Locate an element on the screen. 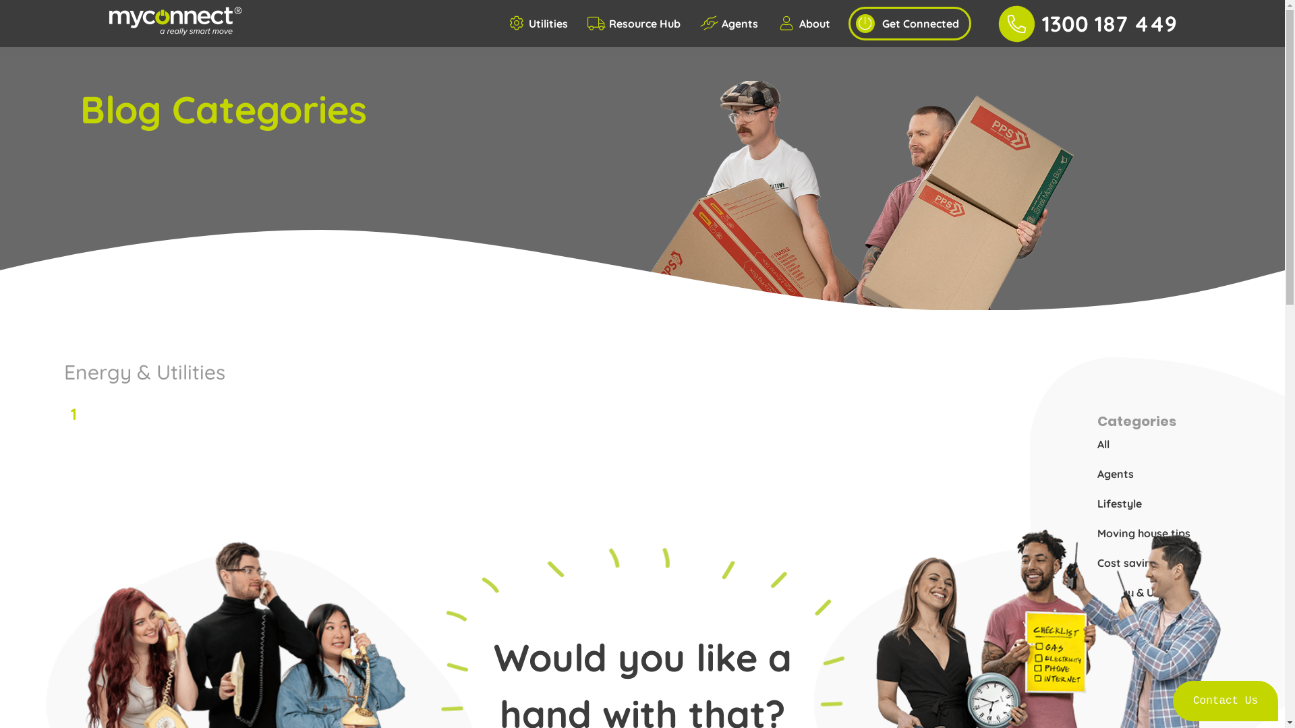  'Energy & Utilities' is located at coordinates (1141, 592).